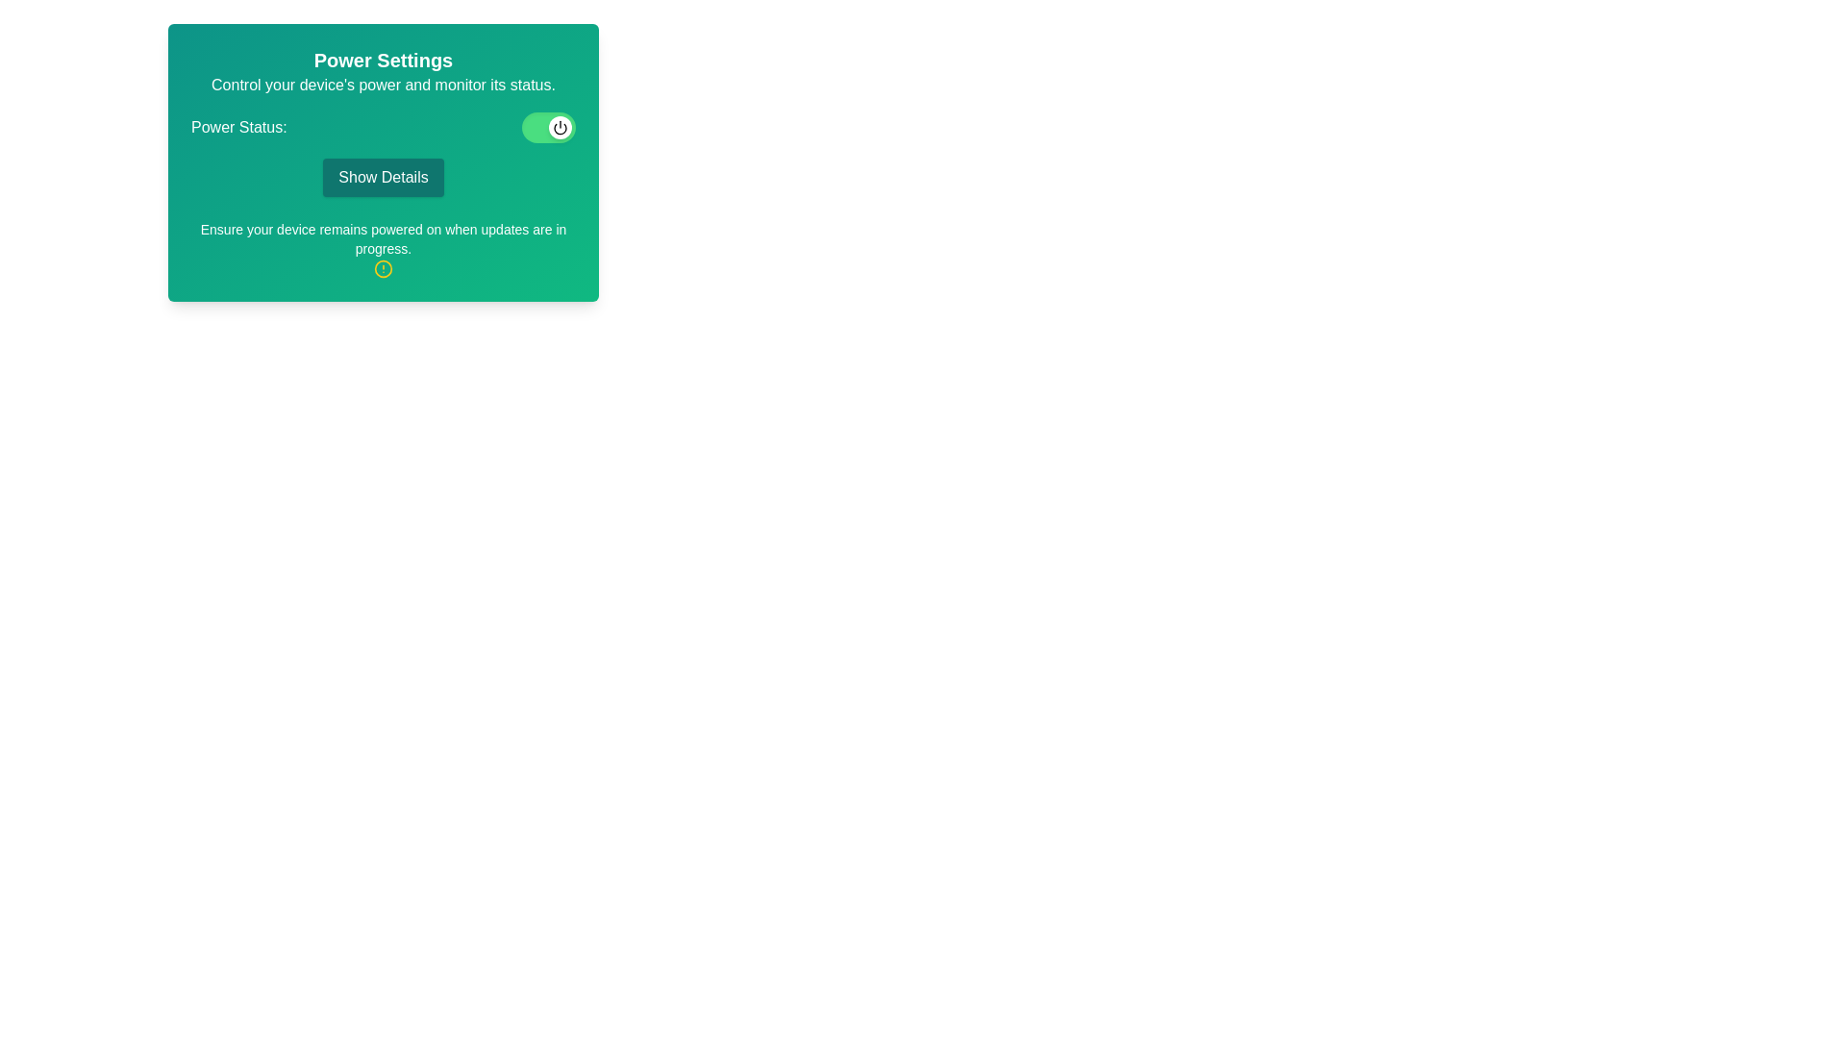 The image size is (1846, 1038). Describe the element at coordinates (383, 154) in the screenshot. I see `the 'Show Details' button, which has a teal background and white text, located below the 'Power Status:' label` at that location.